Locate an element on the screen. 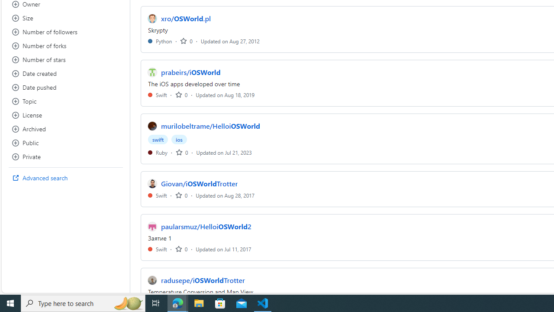  'Updated on Aug 28, 2017' is located at coordinates (225, 195).